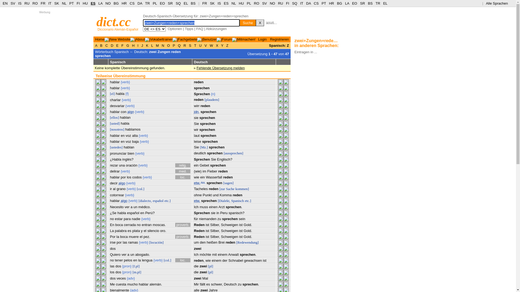  Describe the element at coordinates (210, 236) in the screenshot. I see `'Silber,'` at that location.